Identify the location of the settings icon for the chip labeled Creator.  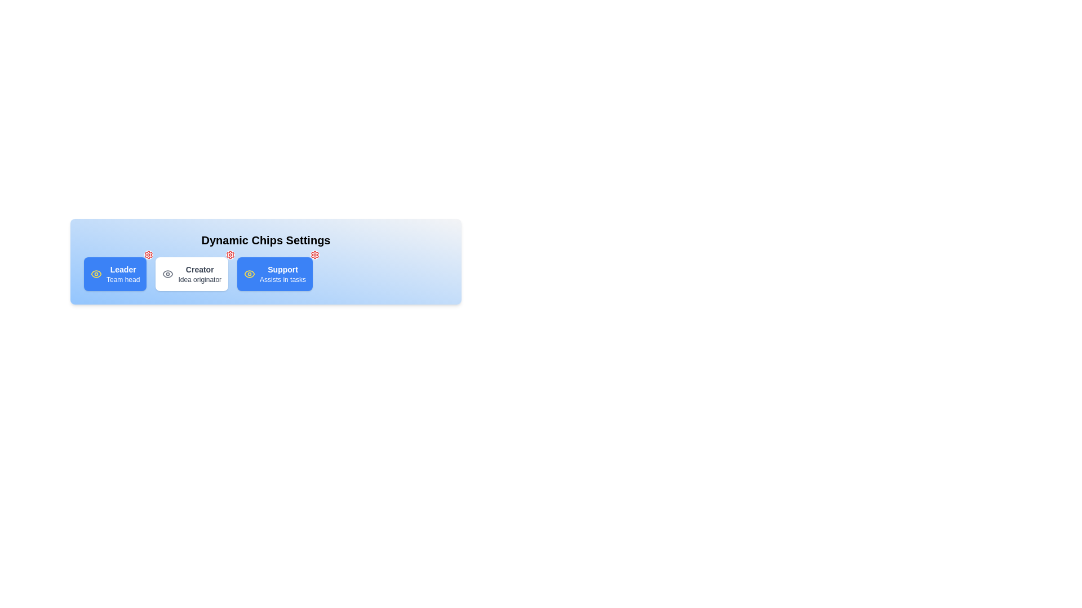
(230, 254).